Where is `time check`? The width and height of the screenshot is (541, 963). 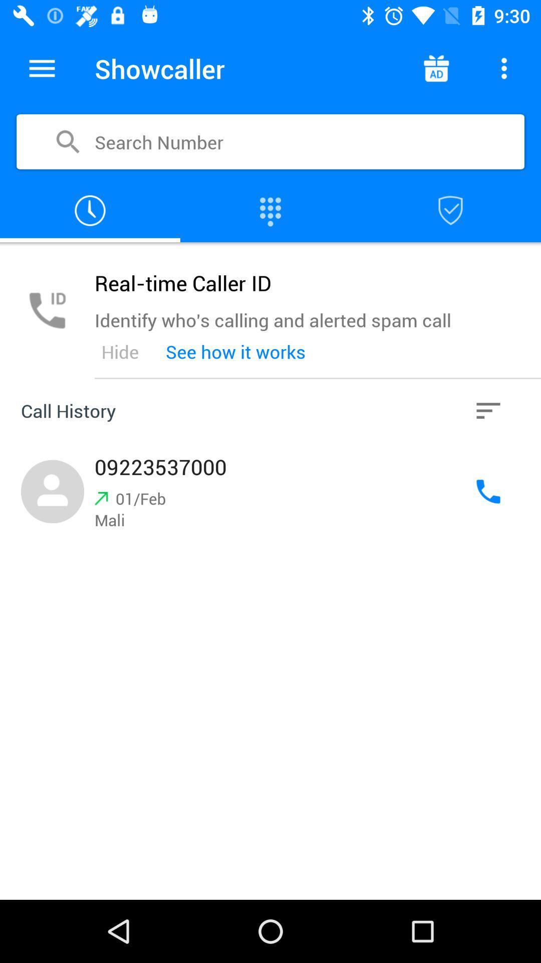
time check is located at coordinates (90, 210).